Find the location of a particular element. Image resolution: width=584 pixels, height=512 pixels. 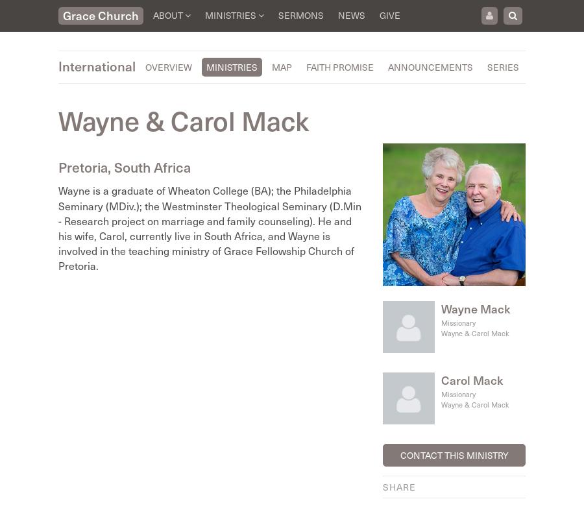

'Announcements' is located at coordinates (387, 67).